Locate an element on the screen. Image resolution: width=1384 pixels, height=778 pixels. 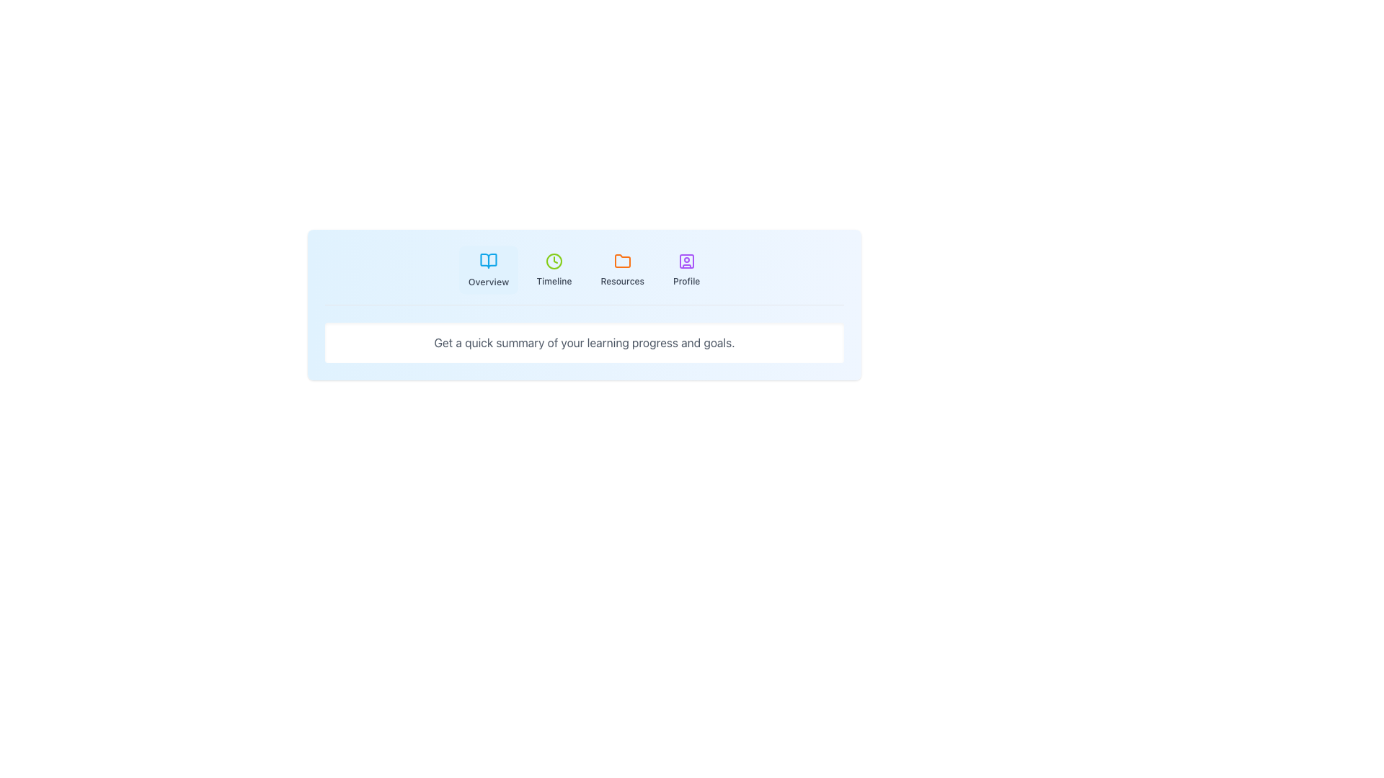
the Text content display element that provides a summary of the user's learning progress and goals, located below the navigation section is located at coordinates (585, 342).